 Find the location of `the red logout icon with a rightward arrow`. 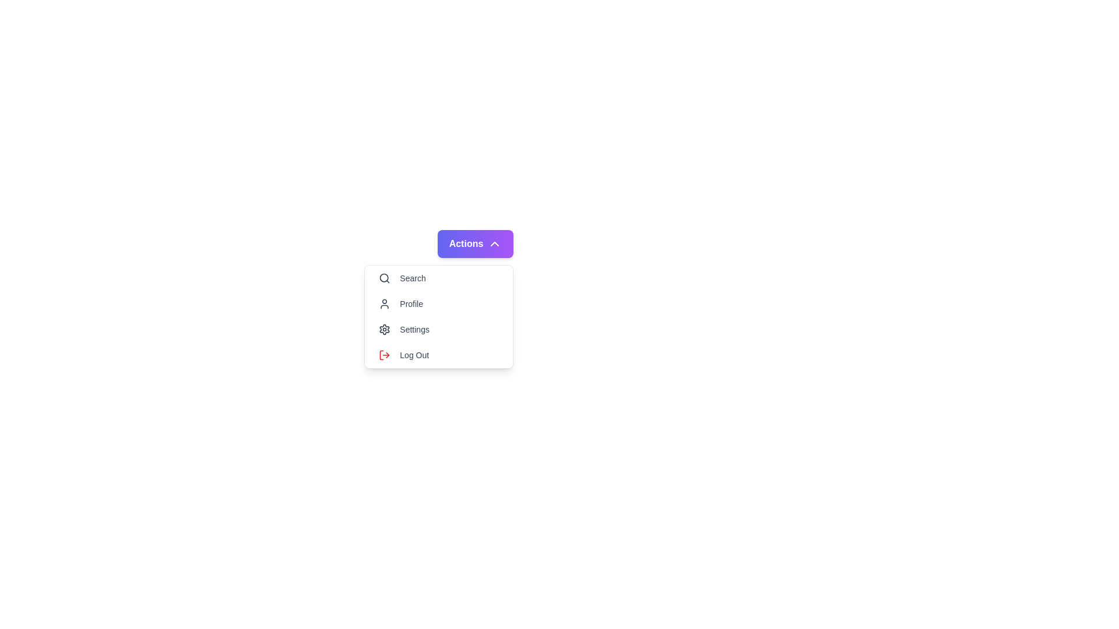

the red logout icon with a rightward arrow is located at coordinates (385, 354).